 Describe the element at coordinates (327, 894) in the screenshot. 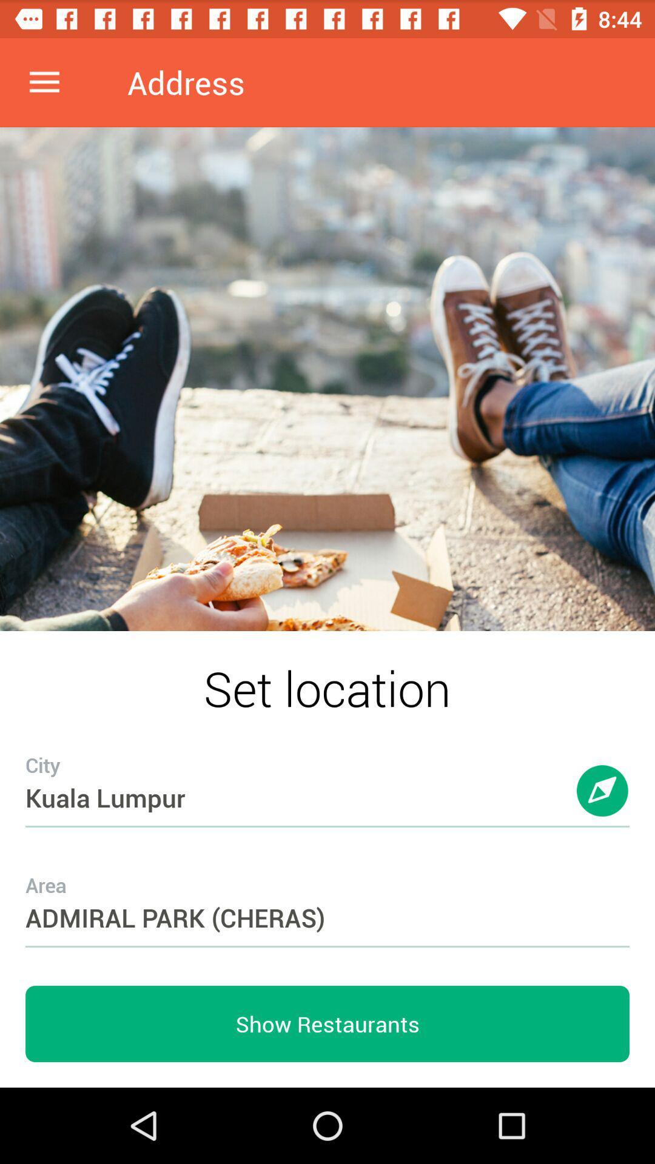

I see `admiral park (cheras)` at that location.